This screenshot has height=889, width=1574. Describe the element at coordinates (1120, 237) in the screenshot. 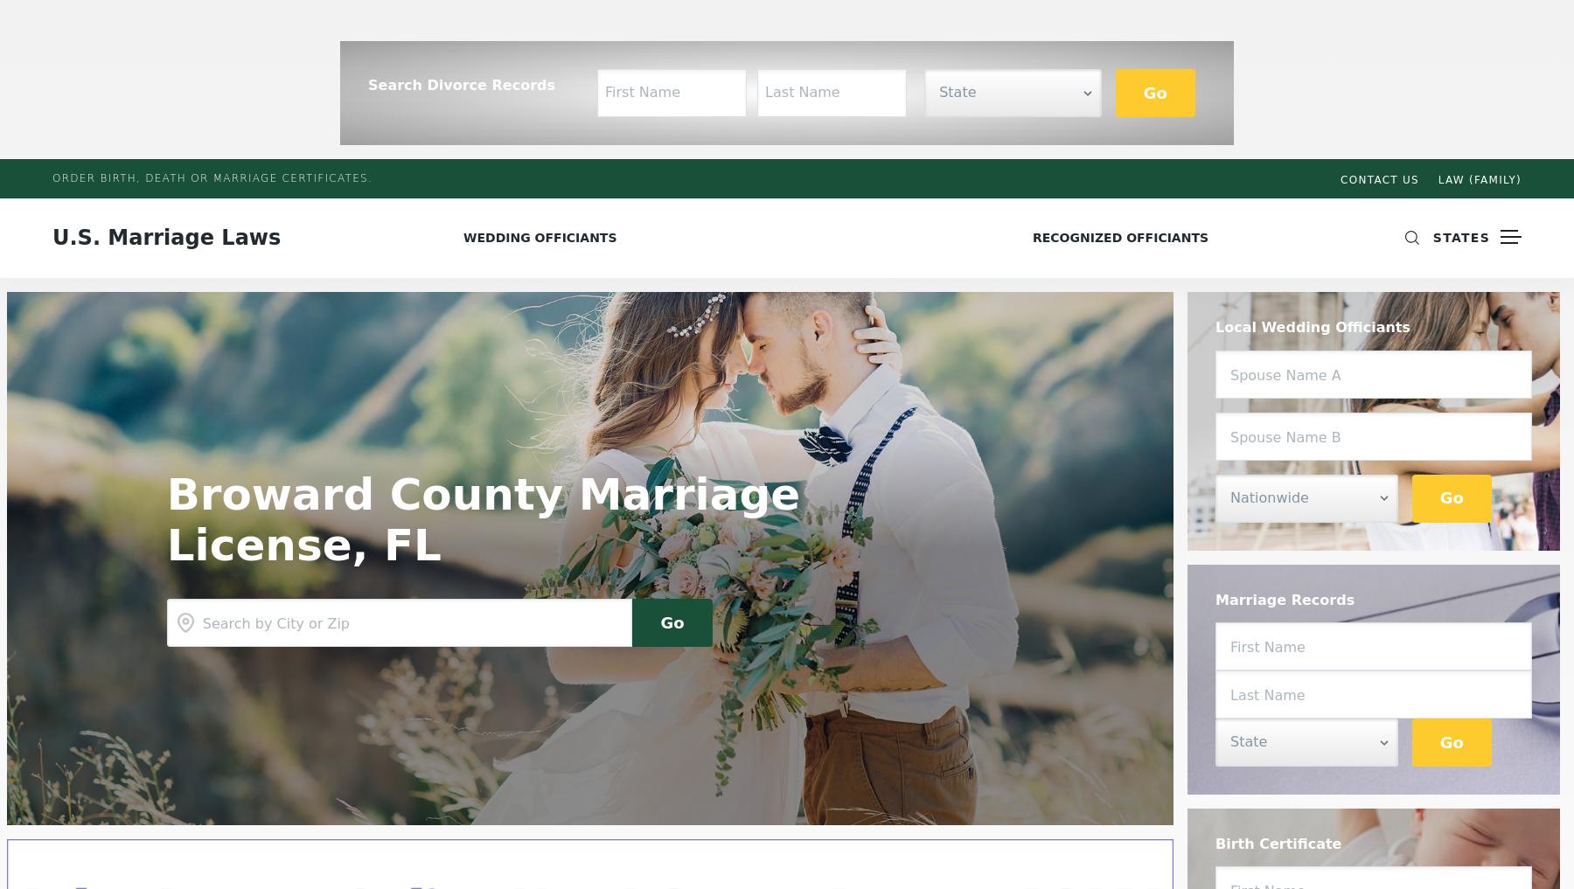

I see `'Recognized Officiants'` at that location.